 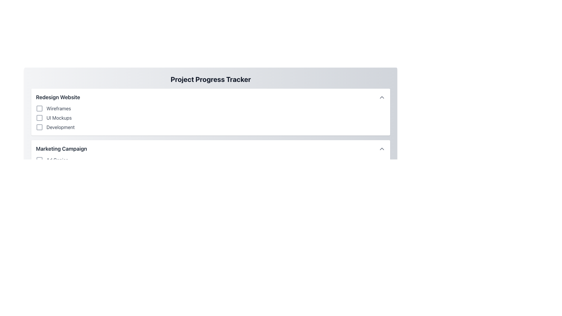 What do you see at coordinates (382, 97) in the screenshot?
I see `the interactive button located to the far right of the 'Redesign Website' section` at bounding box center [382, 97].